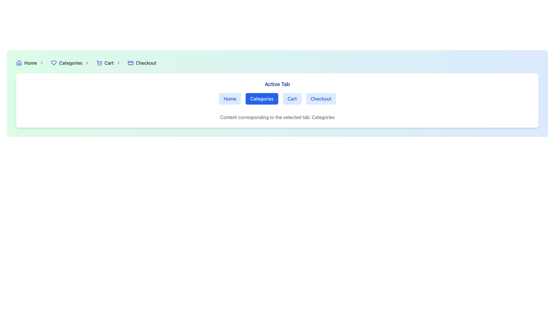  I want to click on the 'Cart' button, which is the third option in a horizontal list of buttons, so click(292, 99).